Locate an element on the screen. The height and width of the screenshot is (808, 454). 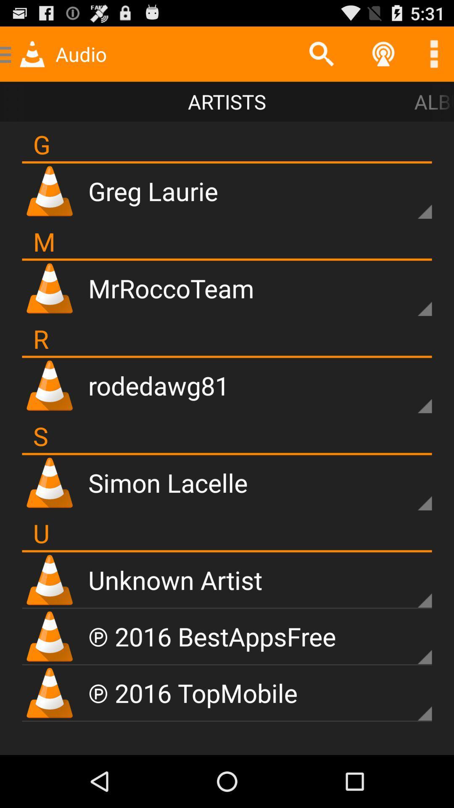
the item next to audio item is located at coordinates (321, 53).